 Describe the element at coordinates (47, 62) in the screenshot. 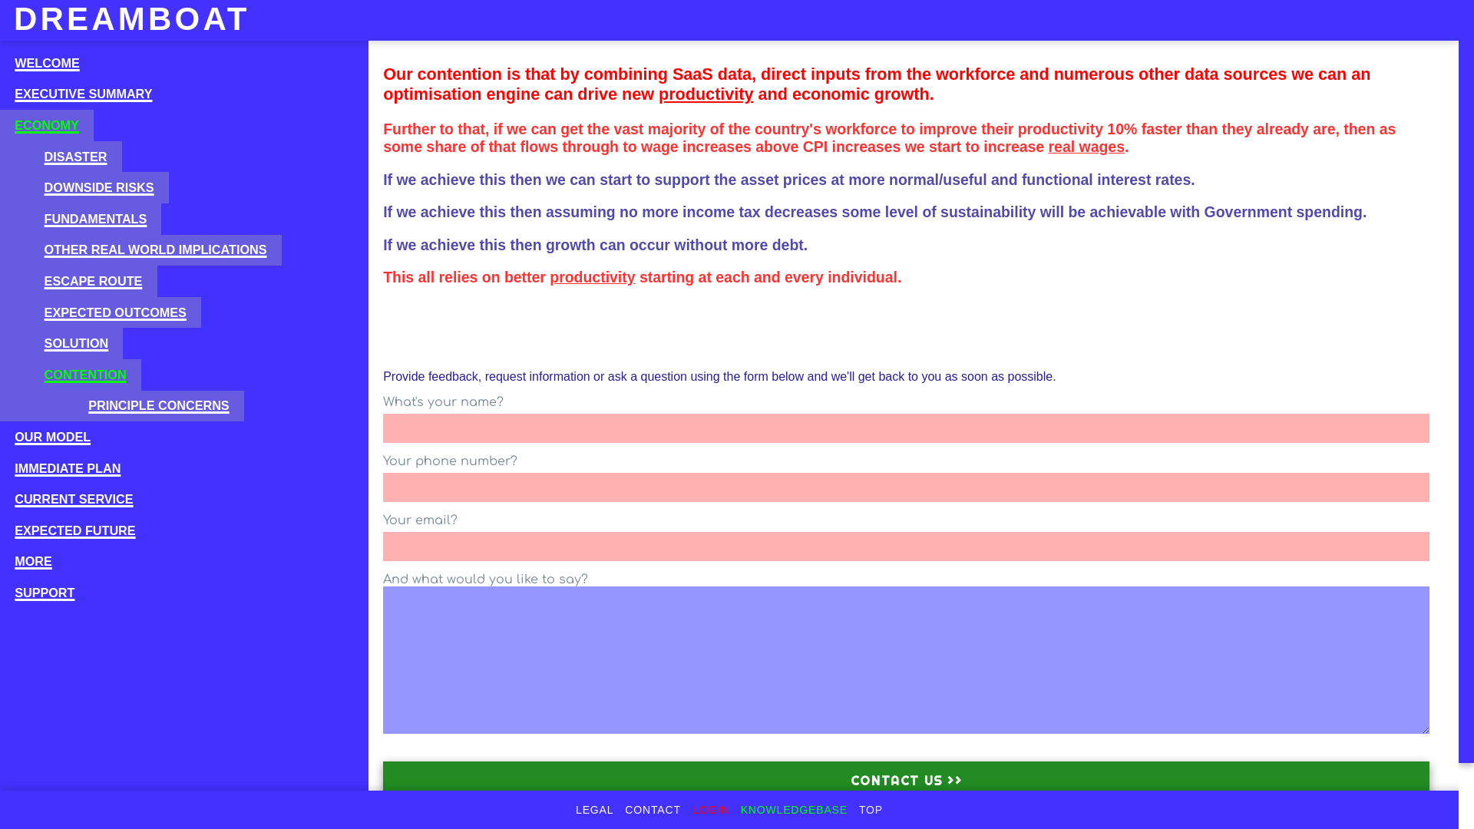

I see `'WELCOME'` at that location.